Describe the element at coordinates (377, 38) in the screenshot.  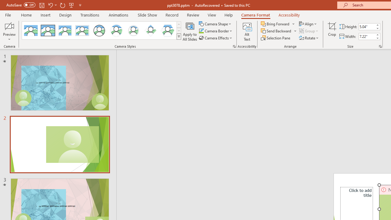
I see `'Less'` at that location.